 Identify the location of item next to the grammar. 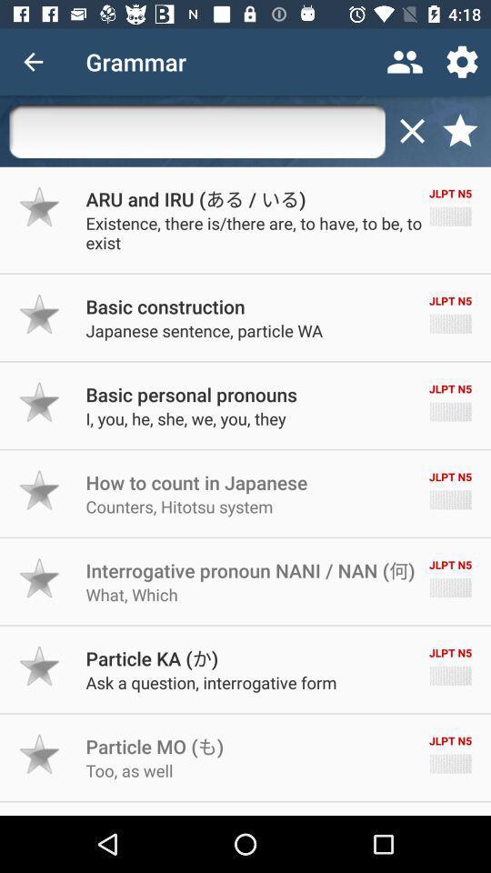
(33, 62).